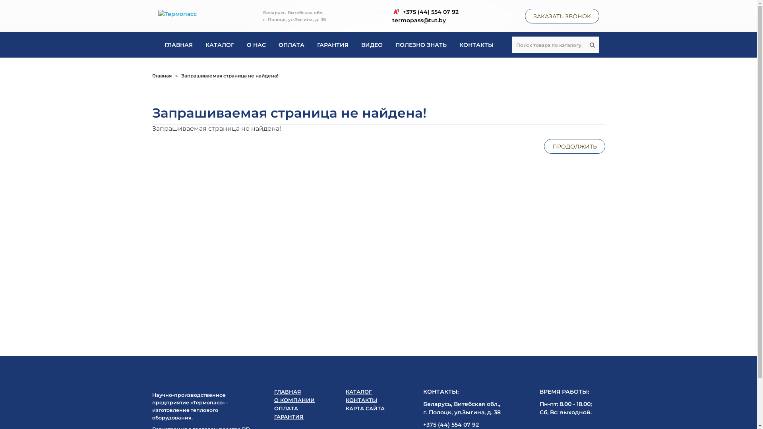  Describe the element at coordinates (451, 424) in the screenshot. I see `'+375 (44) 554 07 92'` at that location.